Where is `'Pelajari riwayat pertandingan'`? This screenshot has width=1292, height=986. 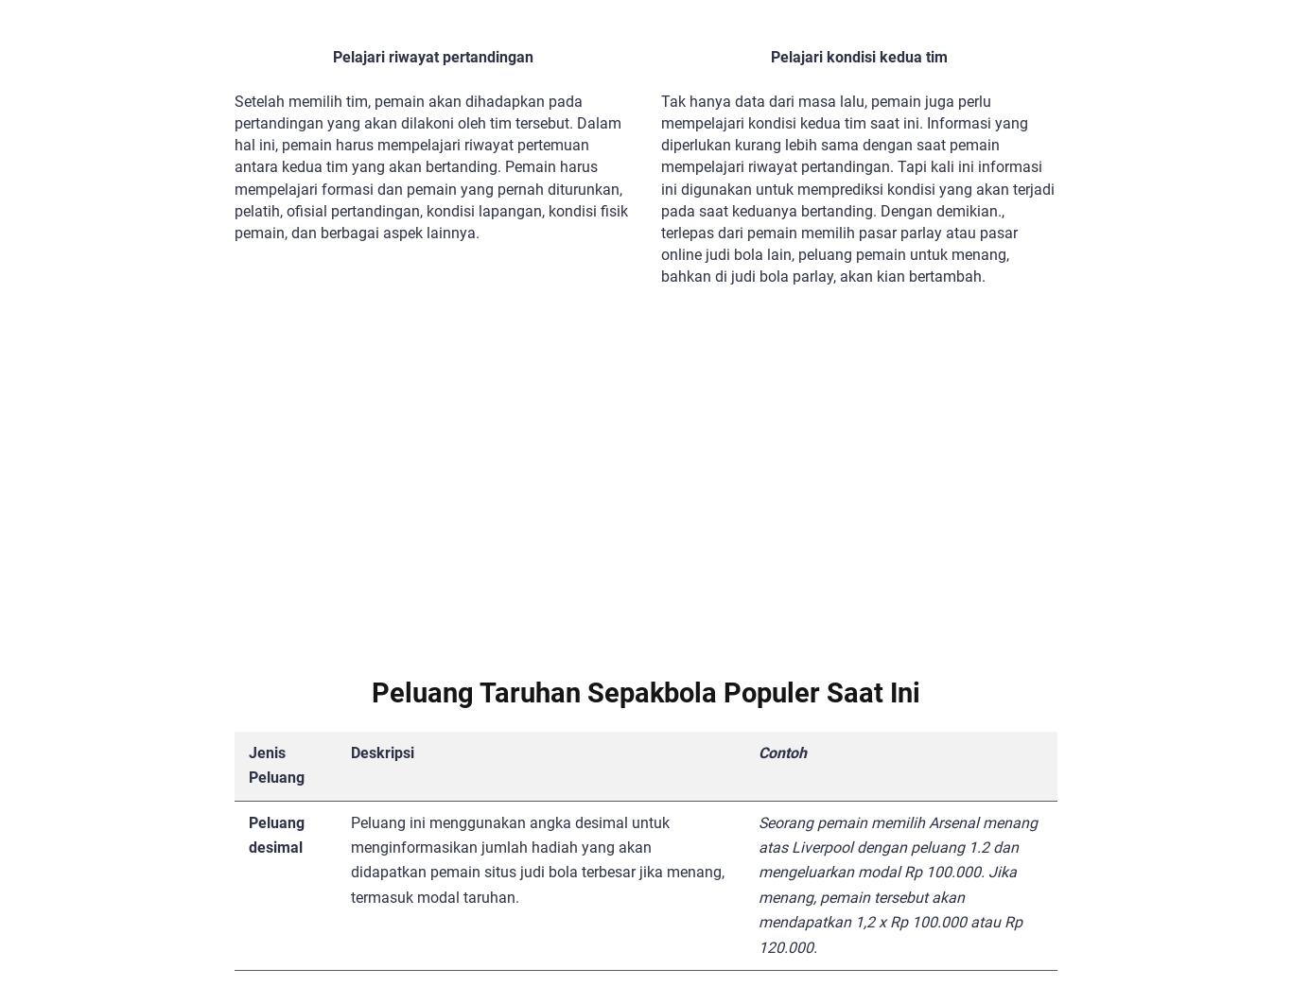
'Pelajari riwayat pertandingan' is located at coordinates (331, 56).